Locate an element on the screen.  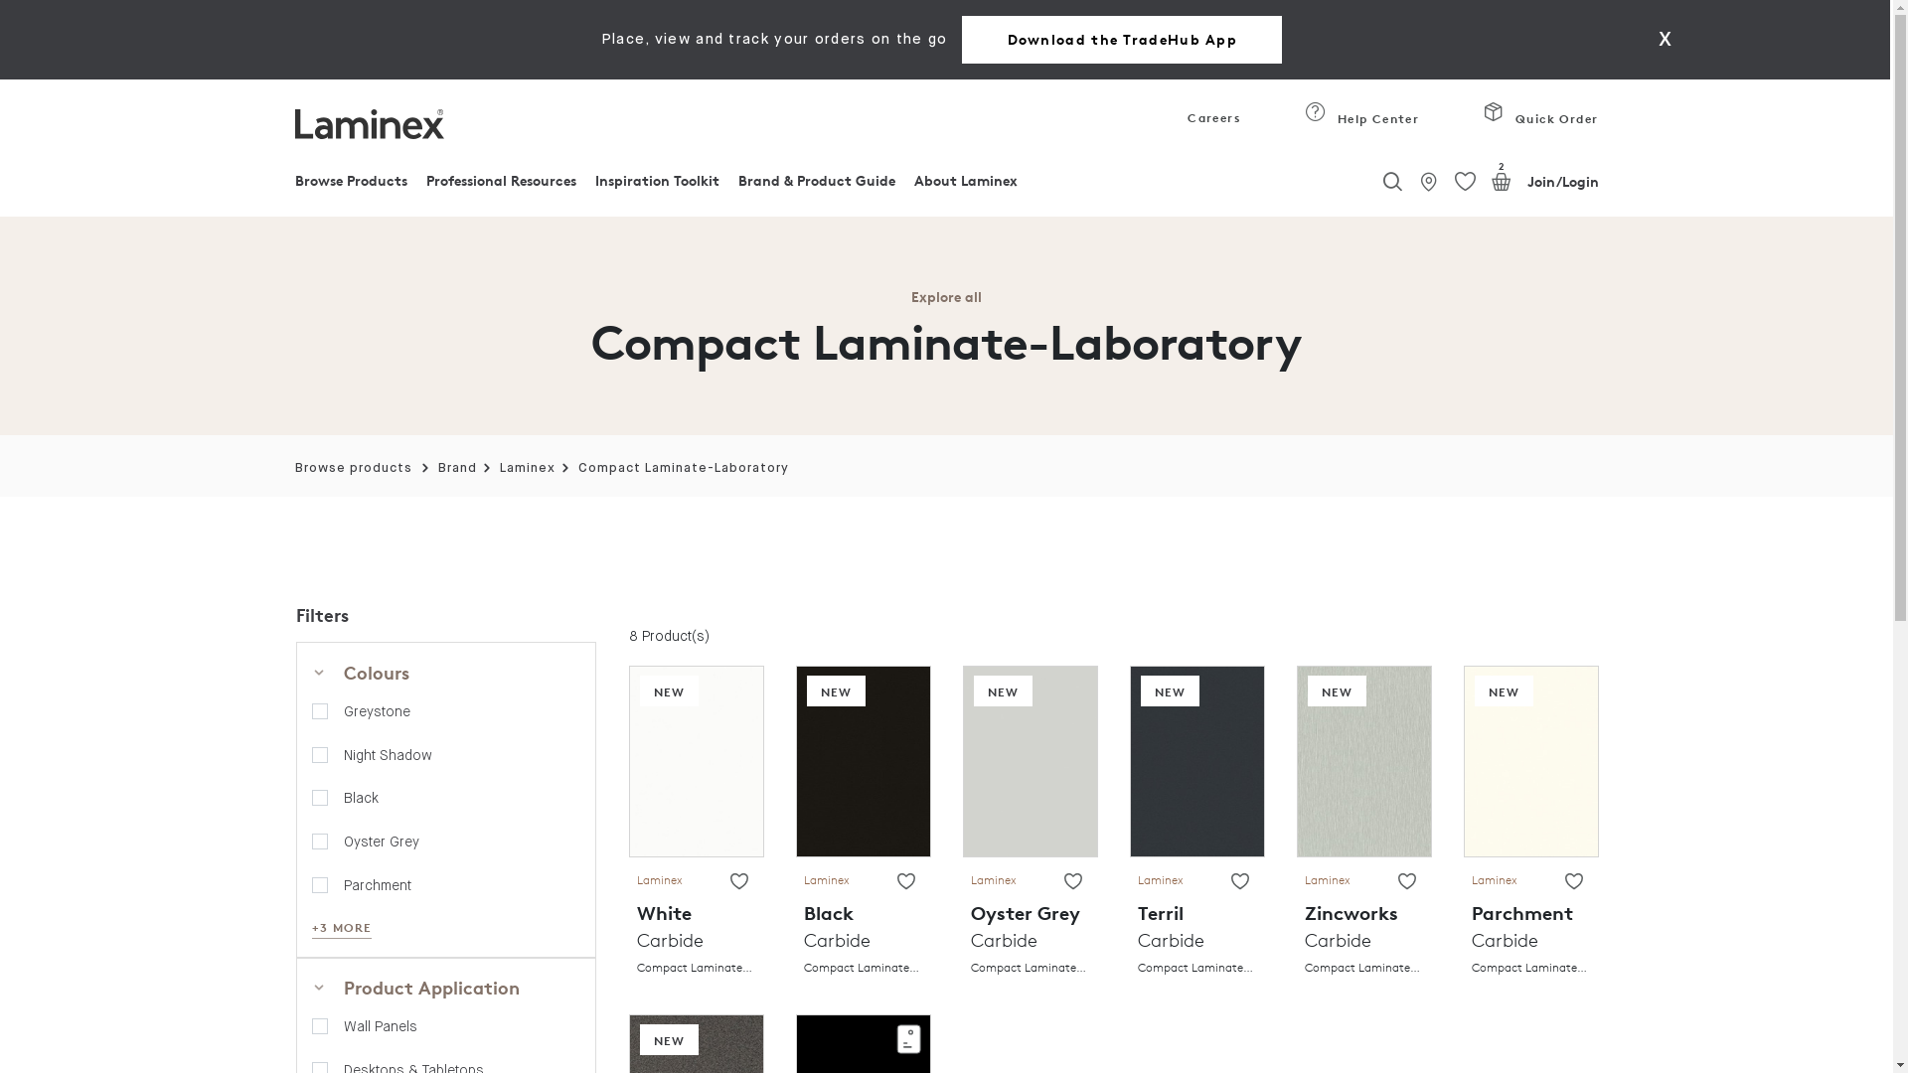
'Terril' is located at coordinates (1195, 759).